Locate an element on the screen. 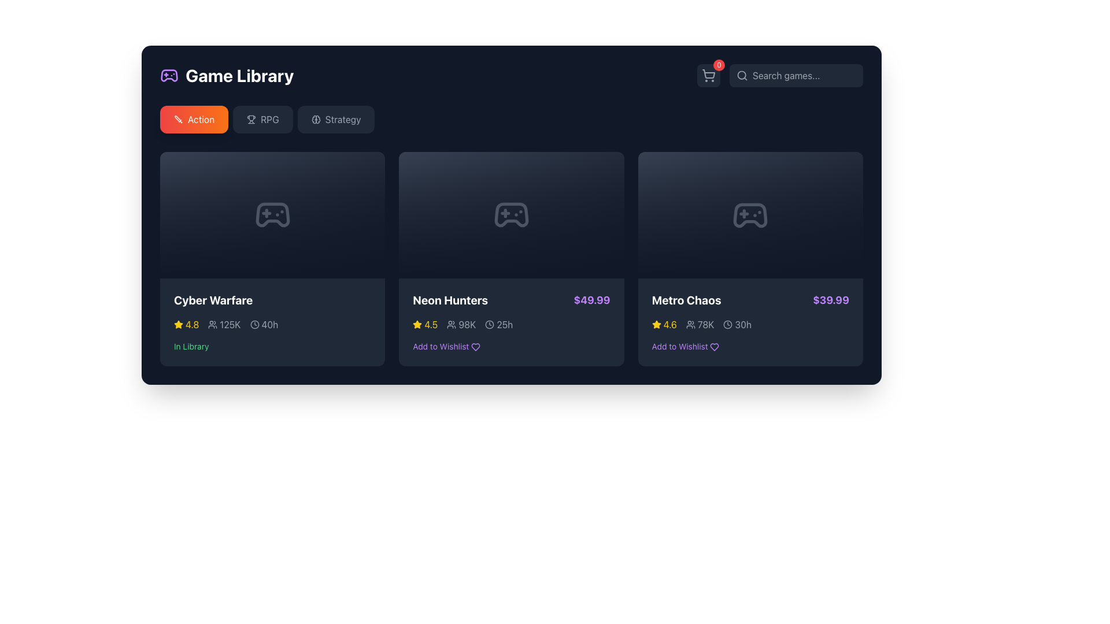  the 'Add to Wishlist' button-like text element with an icon for the game 'Neon Hunters' to change its color is located at coordinates (446, 346).